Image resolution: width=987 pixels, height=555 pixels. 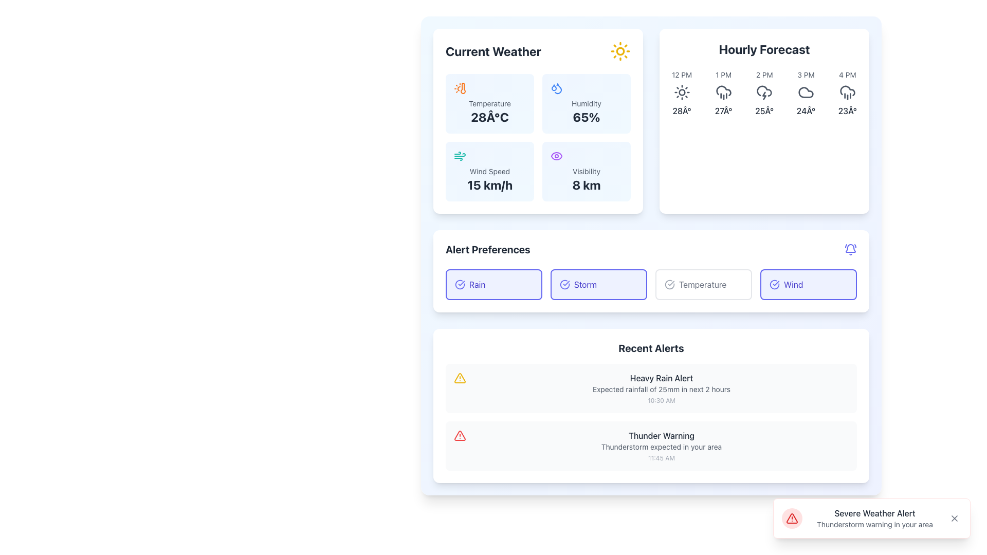 I want to click on the blue water droplet icon located to the left of the '65%' humidity text in the 'Current Weather' panel, so click(x=557, y=88).